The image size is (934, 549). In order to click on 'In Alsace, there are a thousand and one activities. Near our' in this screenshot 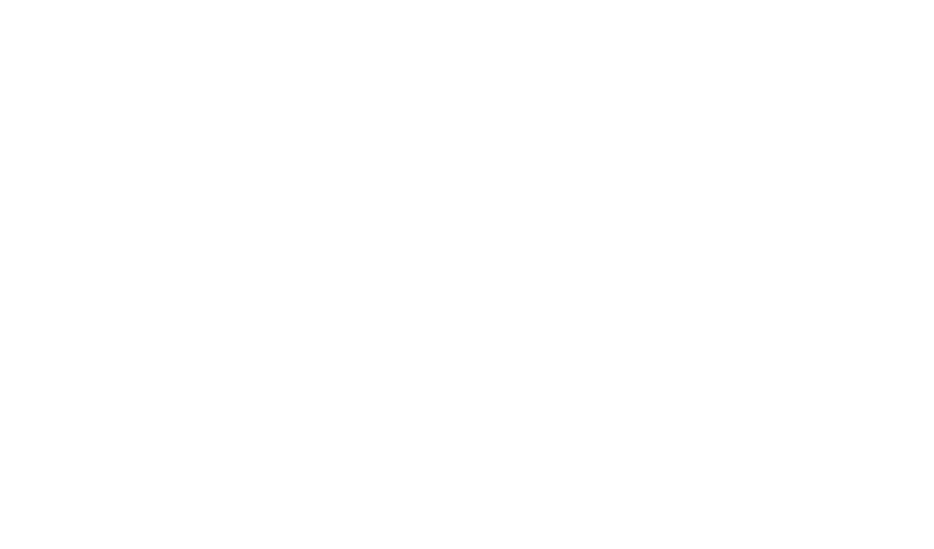, I will do `click(344, 93)`.